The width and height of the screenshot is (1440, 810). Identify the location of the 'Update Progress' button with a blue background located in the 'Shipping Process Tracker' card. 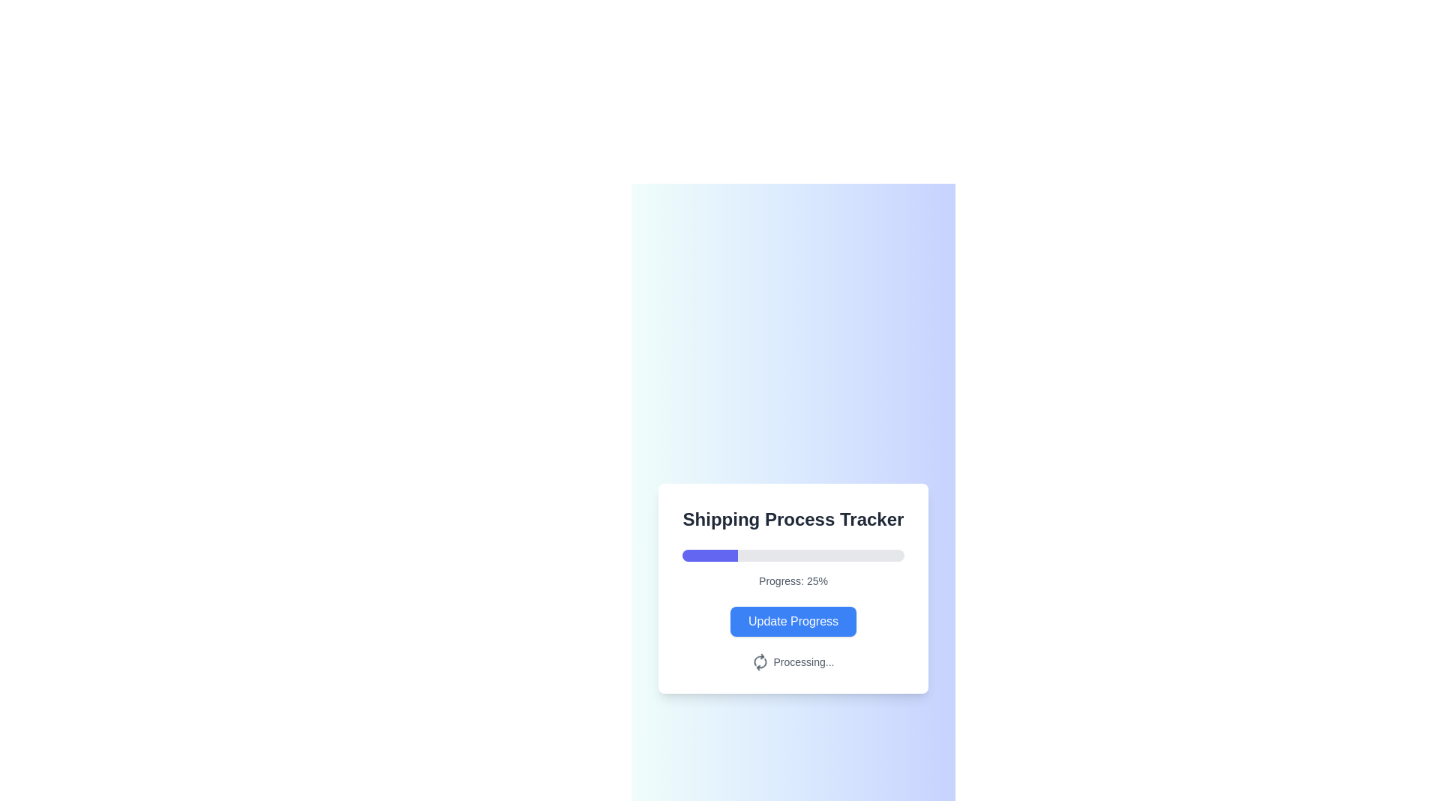
(792, 622).